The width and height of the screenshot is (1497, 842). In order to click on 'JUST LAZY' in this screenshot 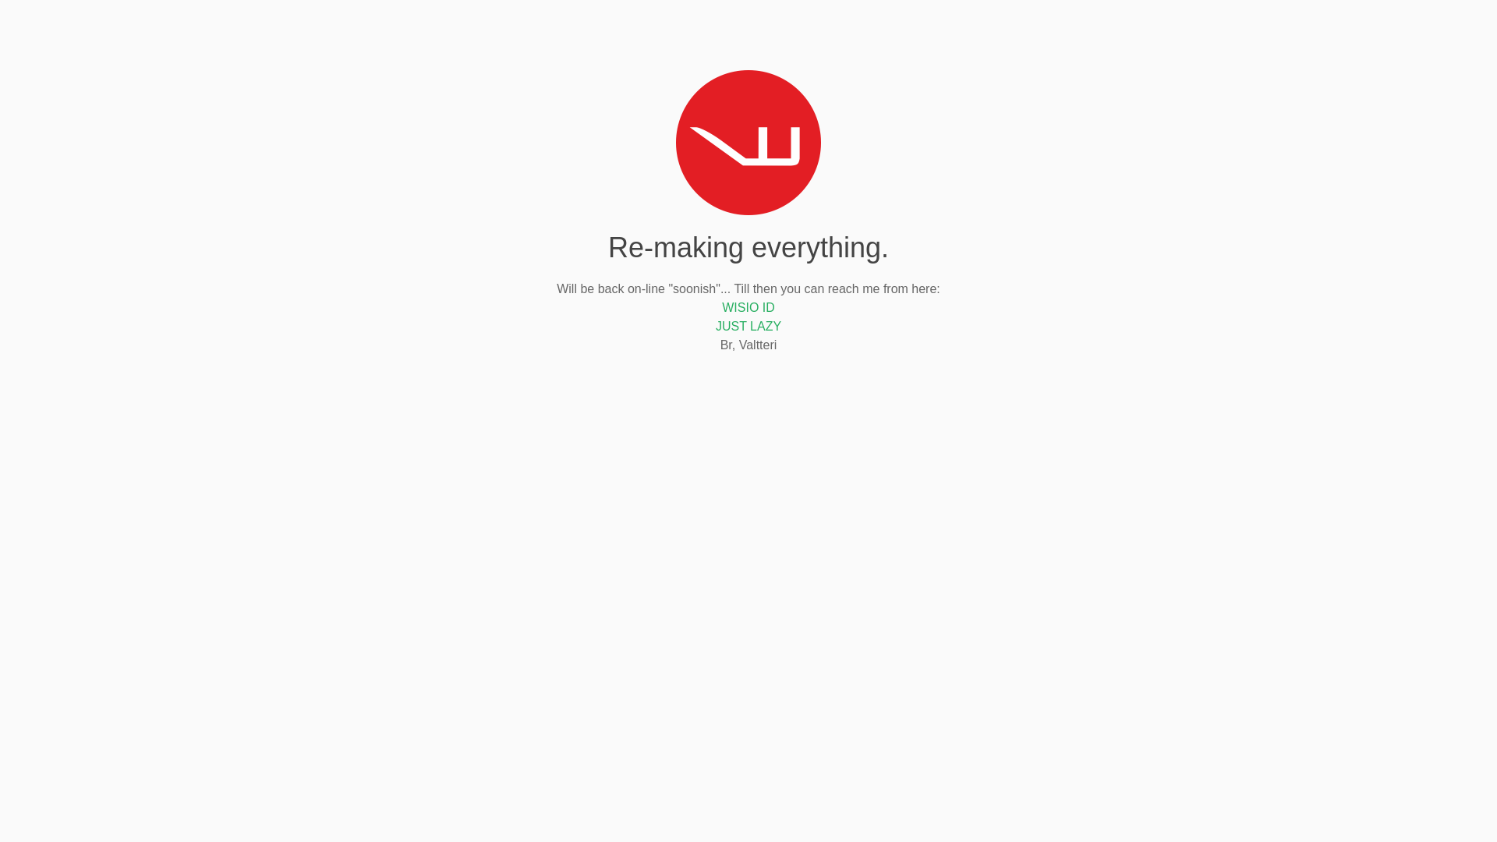, I will do `click(748, 325)`.